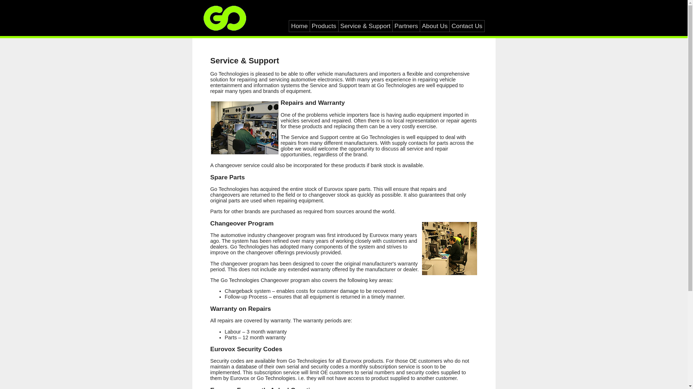 The height and width of the screenshot is (389, 693). What do you see at coordinates (434, 26) in the screenshot?
I see `'About Us'` at bounding box center [434, 26].